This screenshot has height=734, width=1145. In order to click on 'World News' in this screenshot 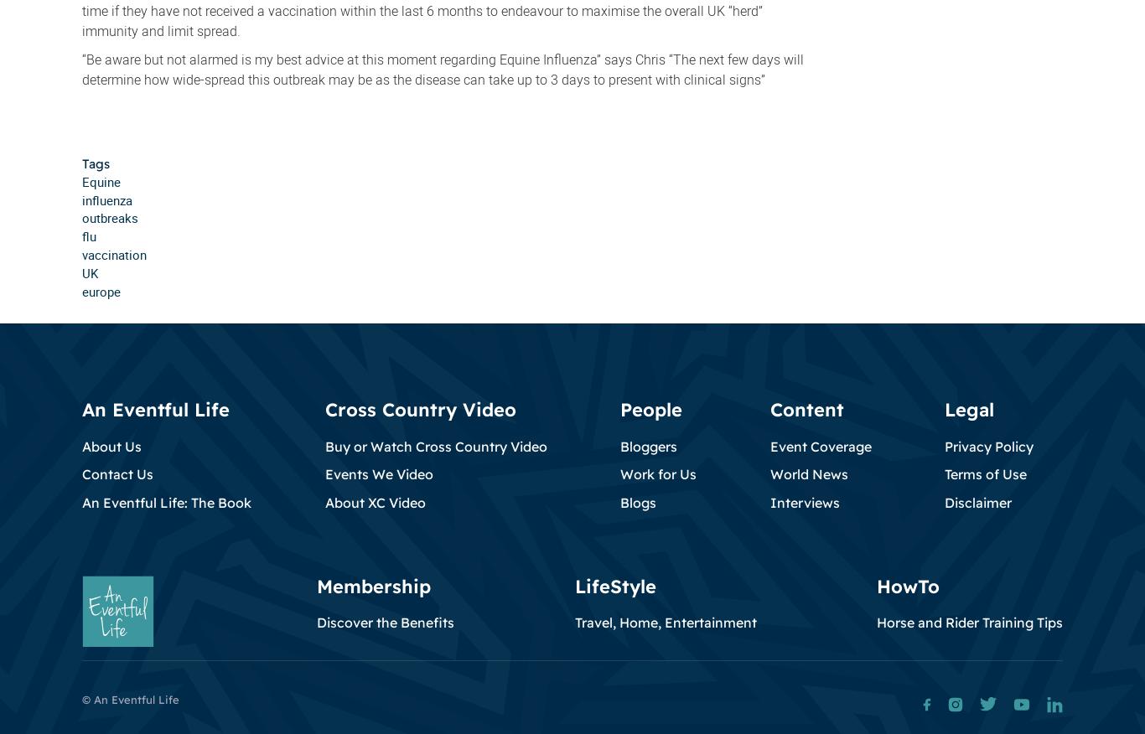, I will do `click(808, 473)`.